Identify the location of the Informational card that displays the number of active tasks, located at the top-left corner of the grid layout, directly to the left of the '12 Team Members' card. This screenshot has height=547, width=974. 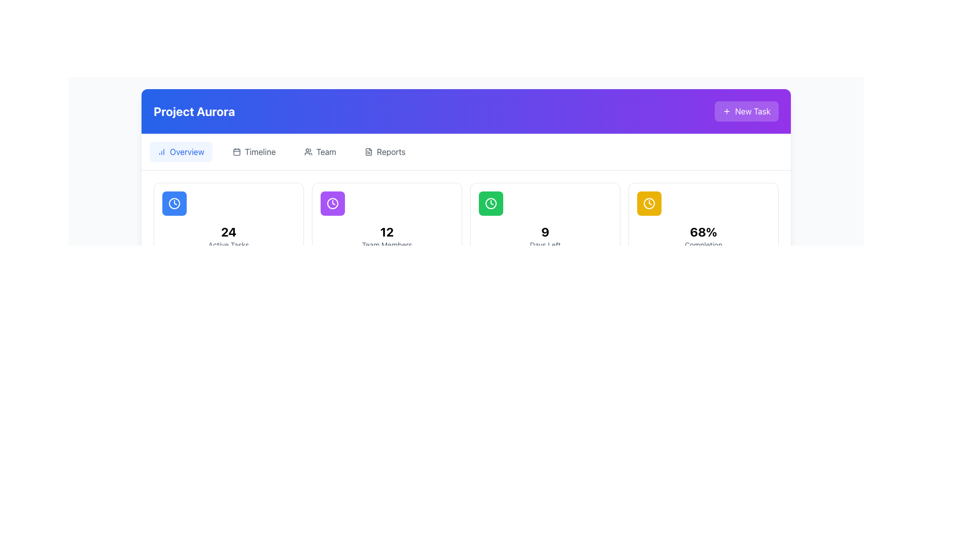
(228, 220).